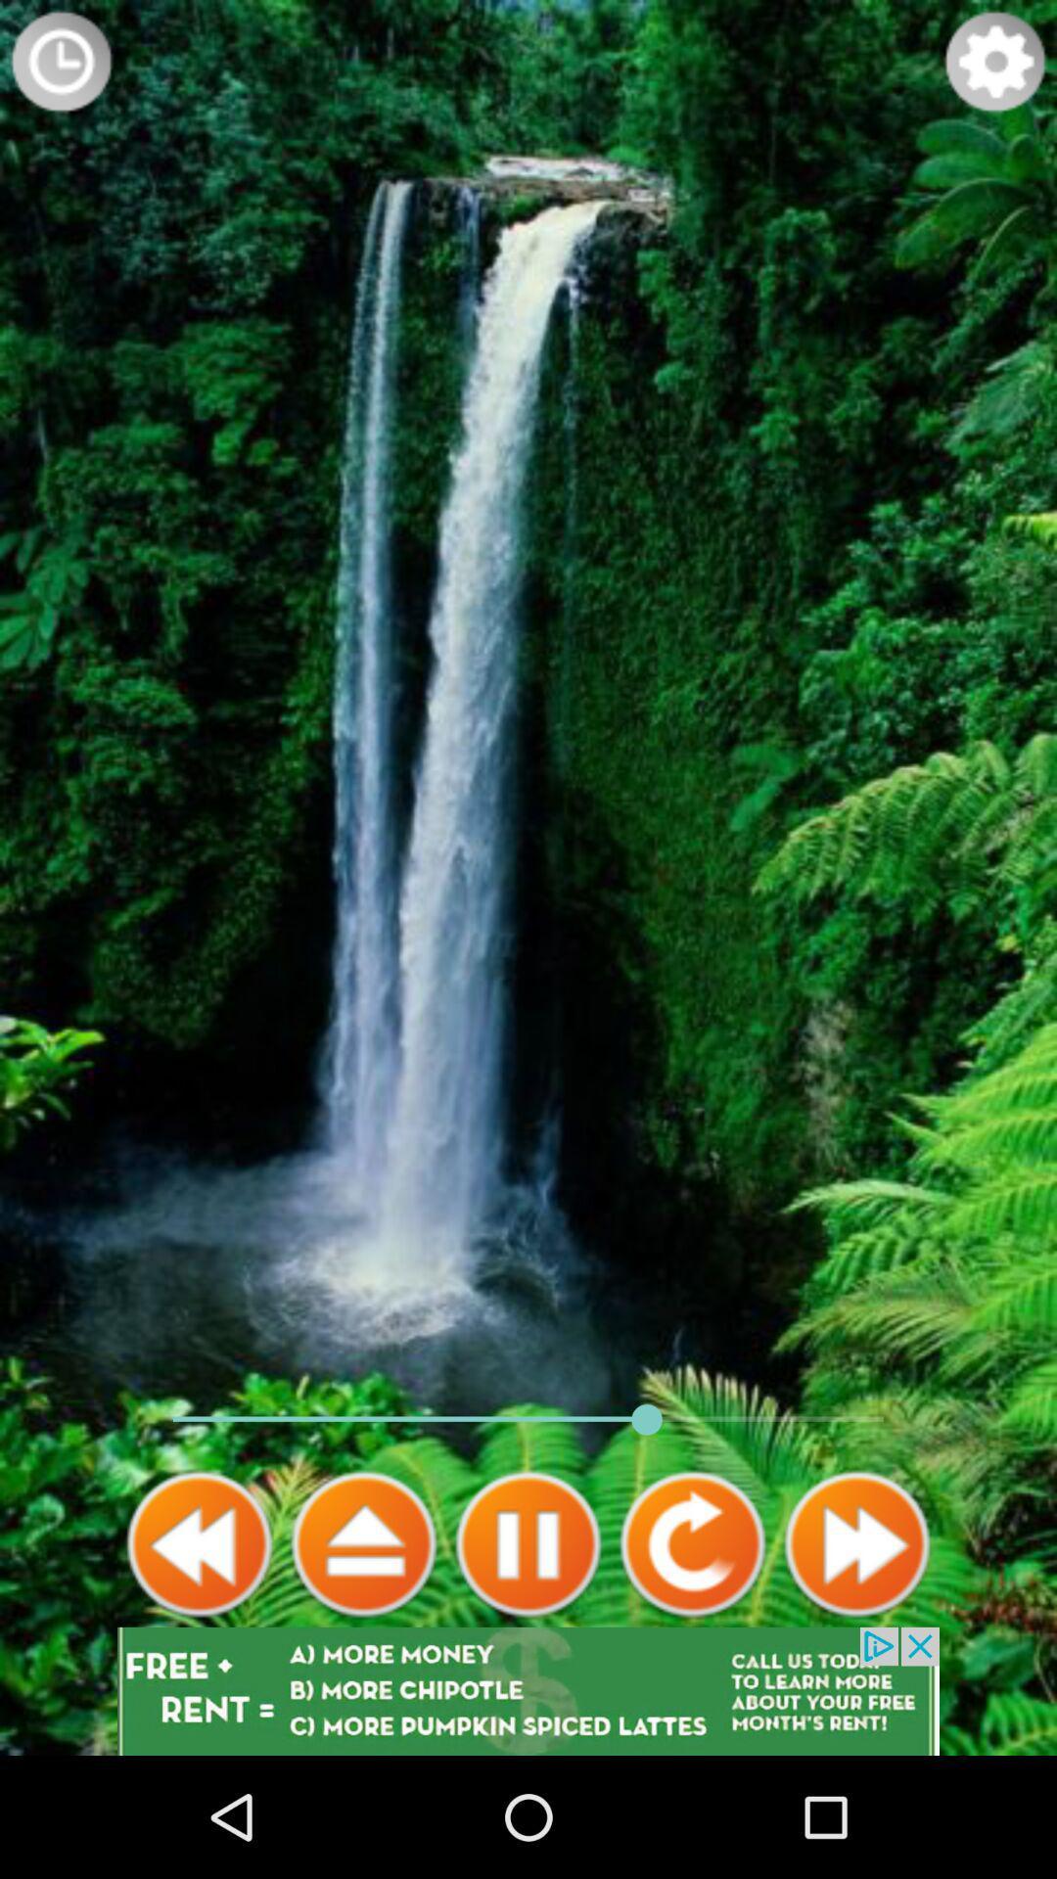 This screenshot has width=1057, height=1879. I want to click on previous, so click(200, 1543).